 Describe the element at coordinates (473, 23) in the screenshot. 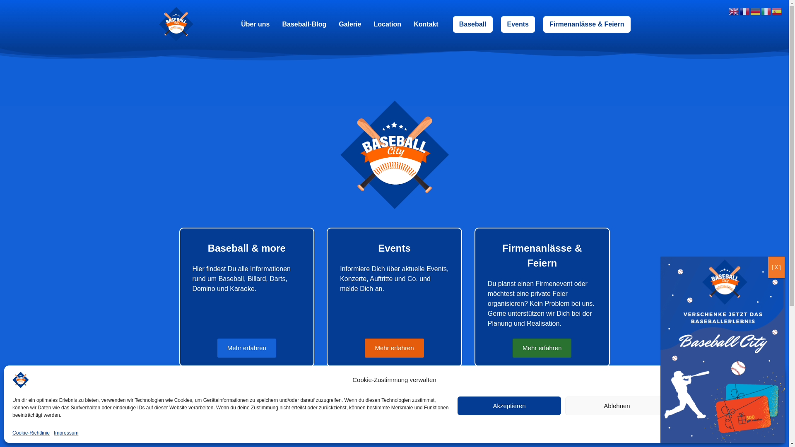

I see `'Baseball'` at that location.